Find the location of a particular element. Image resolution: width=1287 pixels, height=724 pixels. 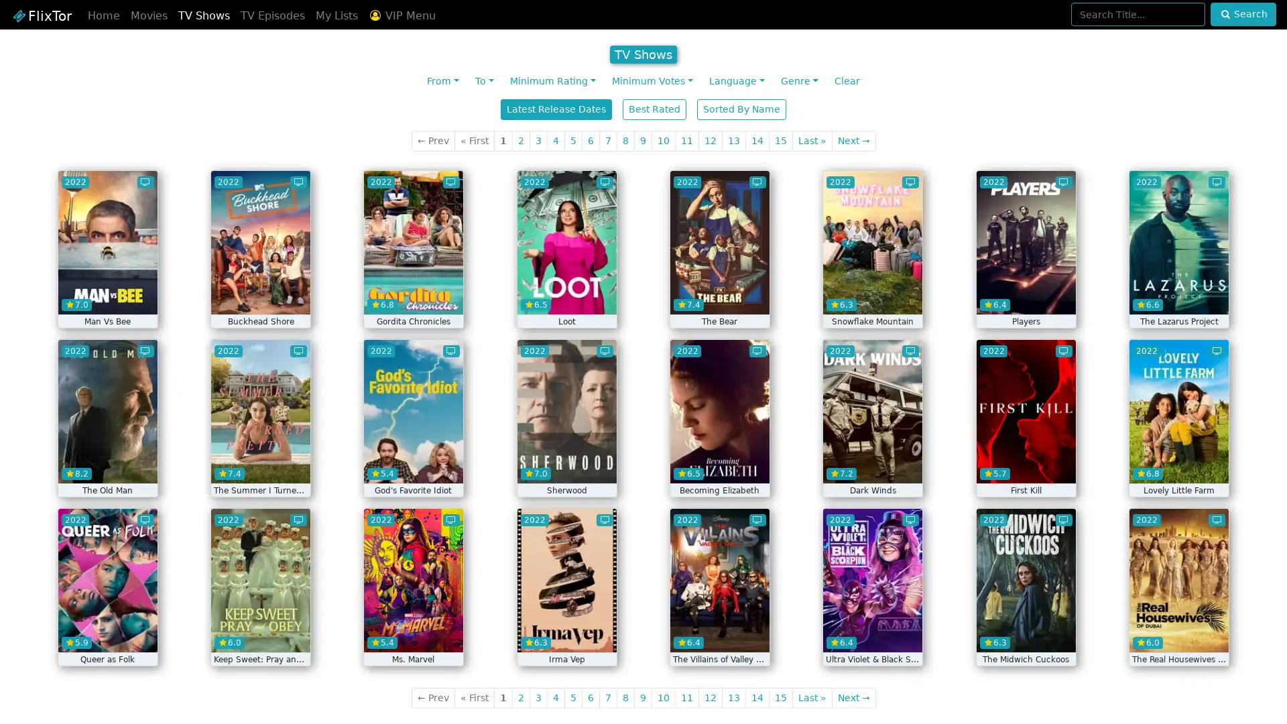

Watch Now is located at coordinates (566, 633).